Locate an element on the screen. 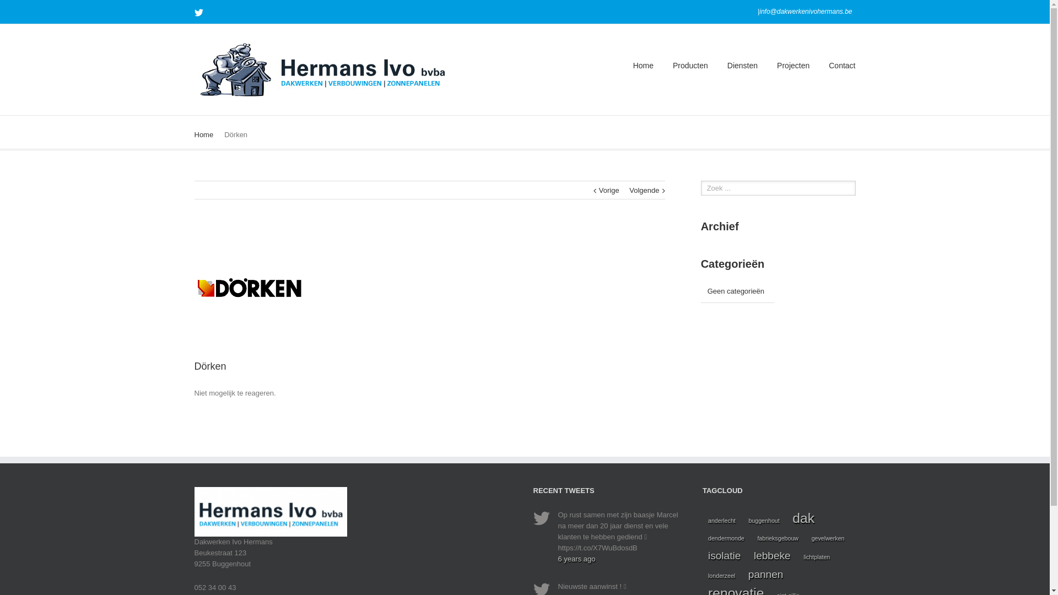 This screenshot has height=595, width=1058. 'Volgende' is located at coordinates (644, 190).